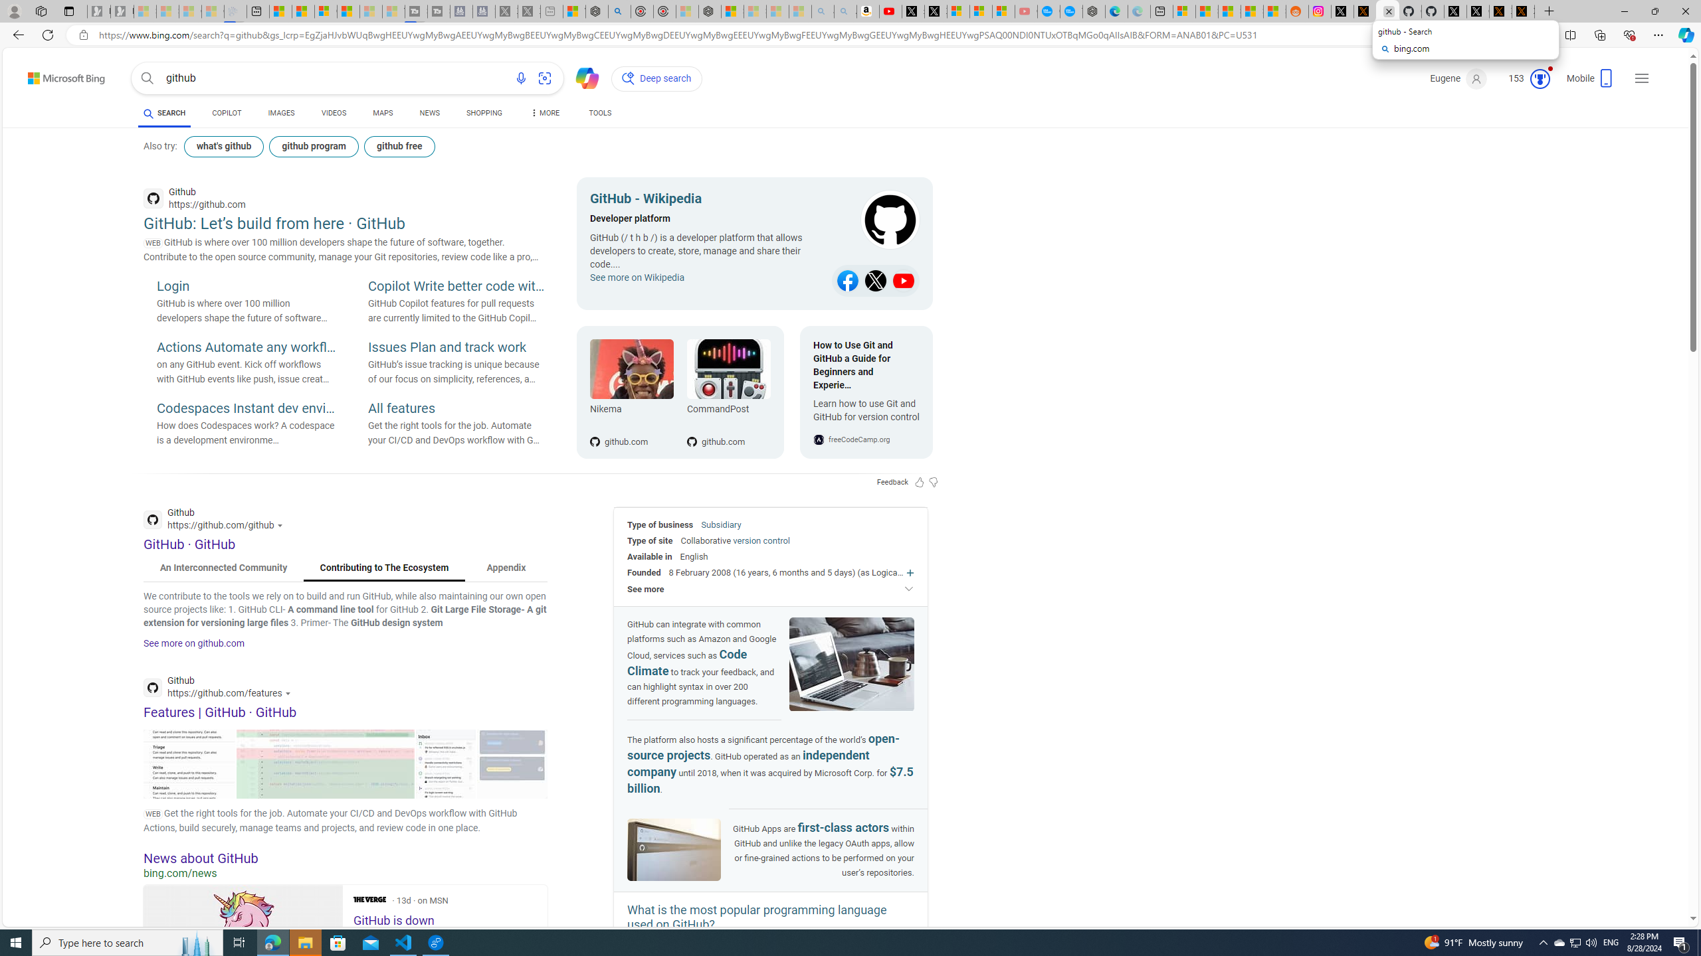  Describe the element at coordinates (761, 540) in the screenshot. I see `'version control'` at that location.